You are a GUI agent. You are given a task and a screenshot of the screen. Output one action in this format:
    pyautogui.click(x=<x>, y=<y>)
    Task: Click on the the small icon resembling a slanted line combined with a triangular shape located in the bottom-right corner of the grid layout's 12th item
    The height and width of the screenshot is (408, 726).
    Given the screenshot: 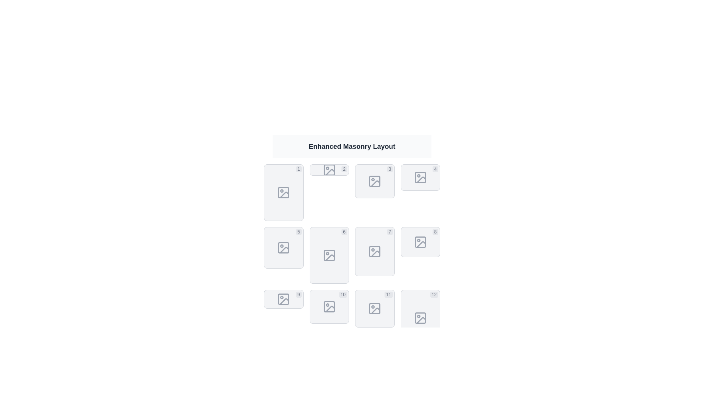 What is the action you would take?
    pyautogui.click(x=420, y=320)
    